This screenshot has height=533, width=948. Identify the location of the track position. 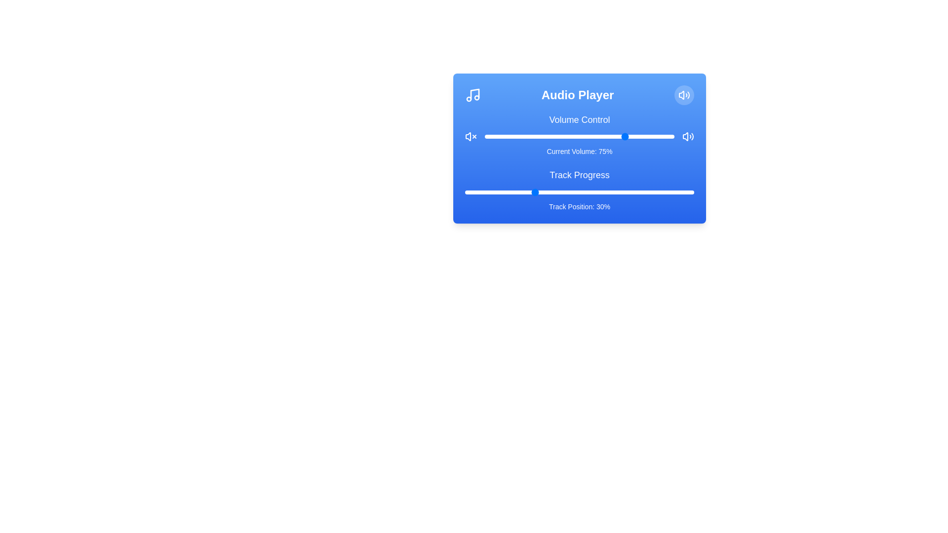
(577, 192).